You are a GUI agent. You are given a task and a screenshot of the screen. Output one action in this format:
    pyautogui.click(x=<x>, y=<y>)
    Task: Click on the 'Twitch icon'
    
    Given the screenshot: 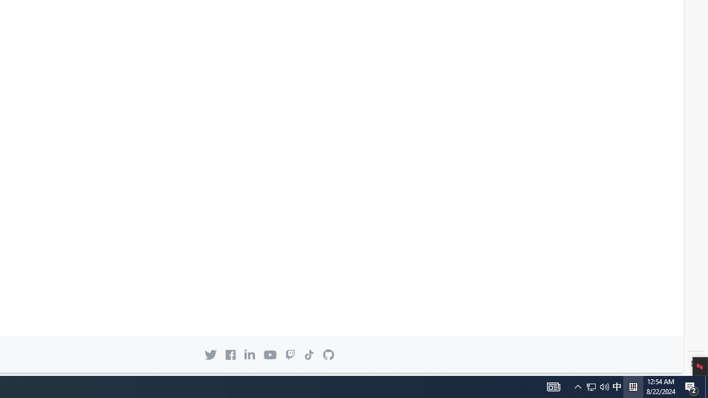 What is the action you would take?
    pyautogui.click(x=290, y=354)
    